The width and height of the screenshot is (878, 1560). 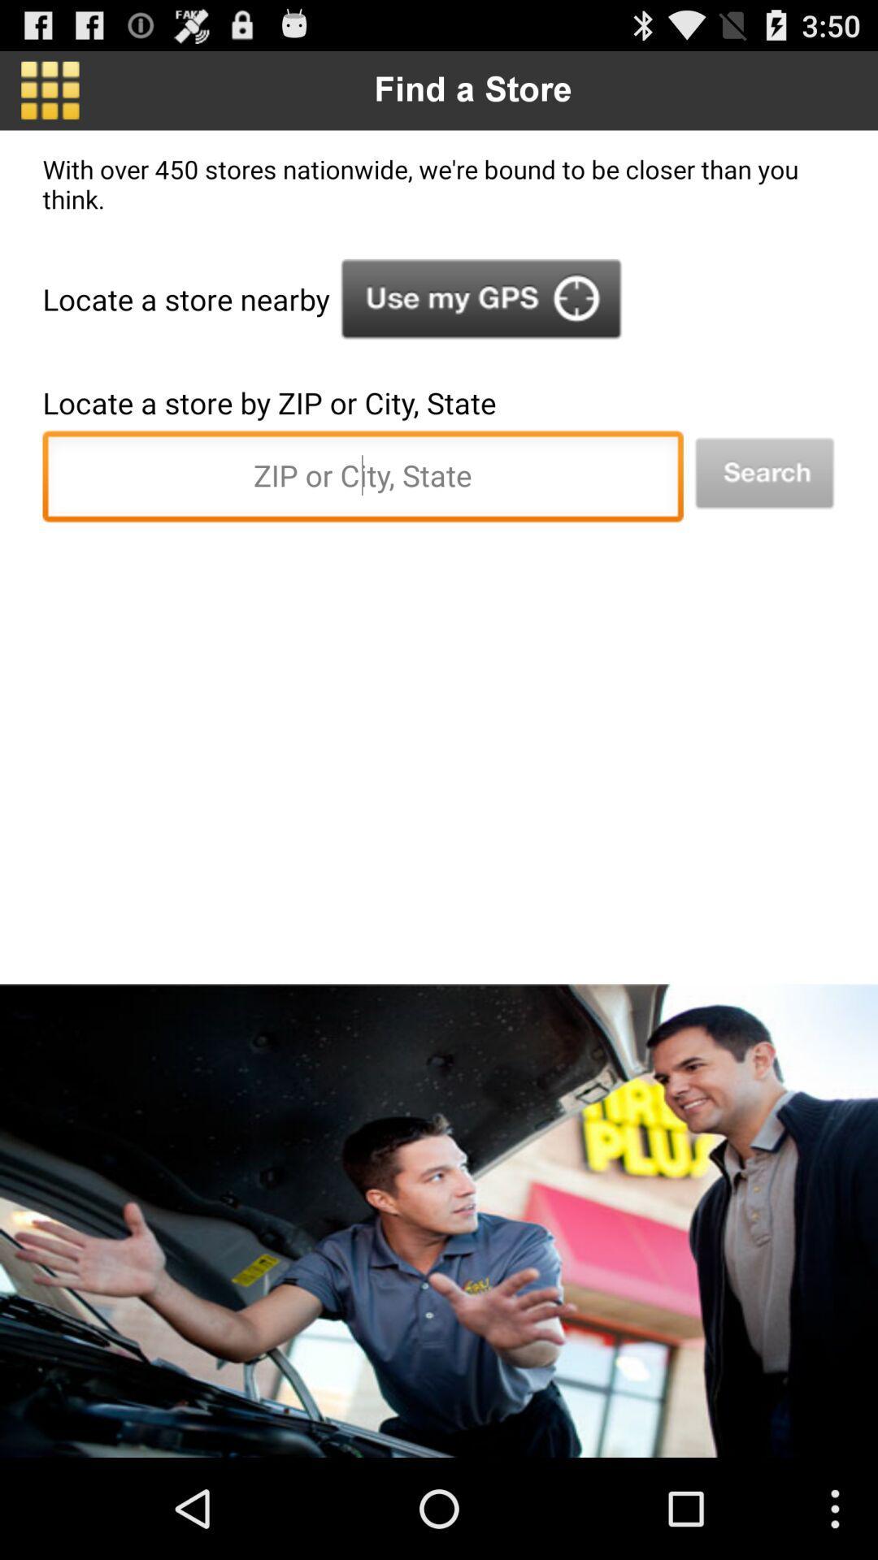 I want to click on search, so click(x=764, y=473).